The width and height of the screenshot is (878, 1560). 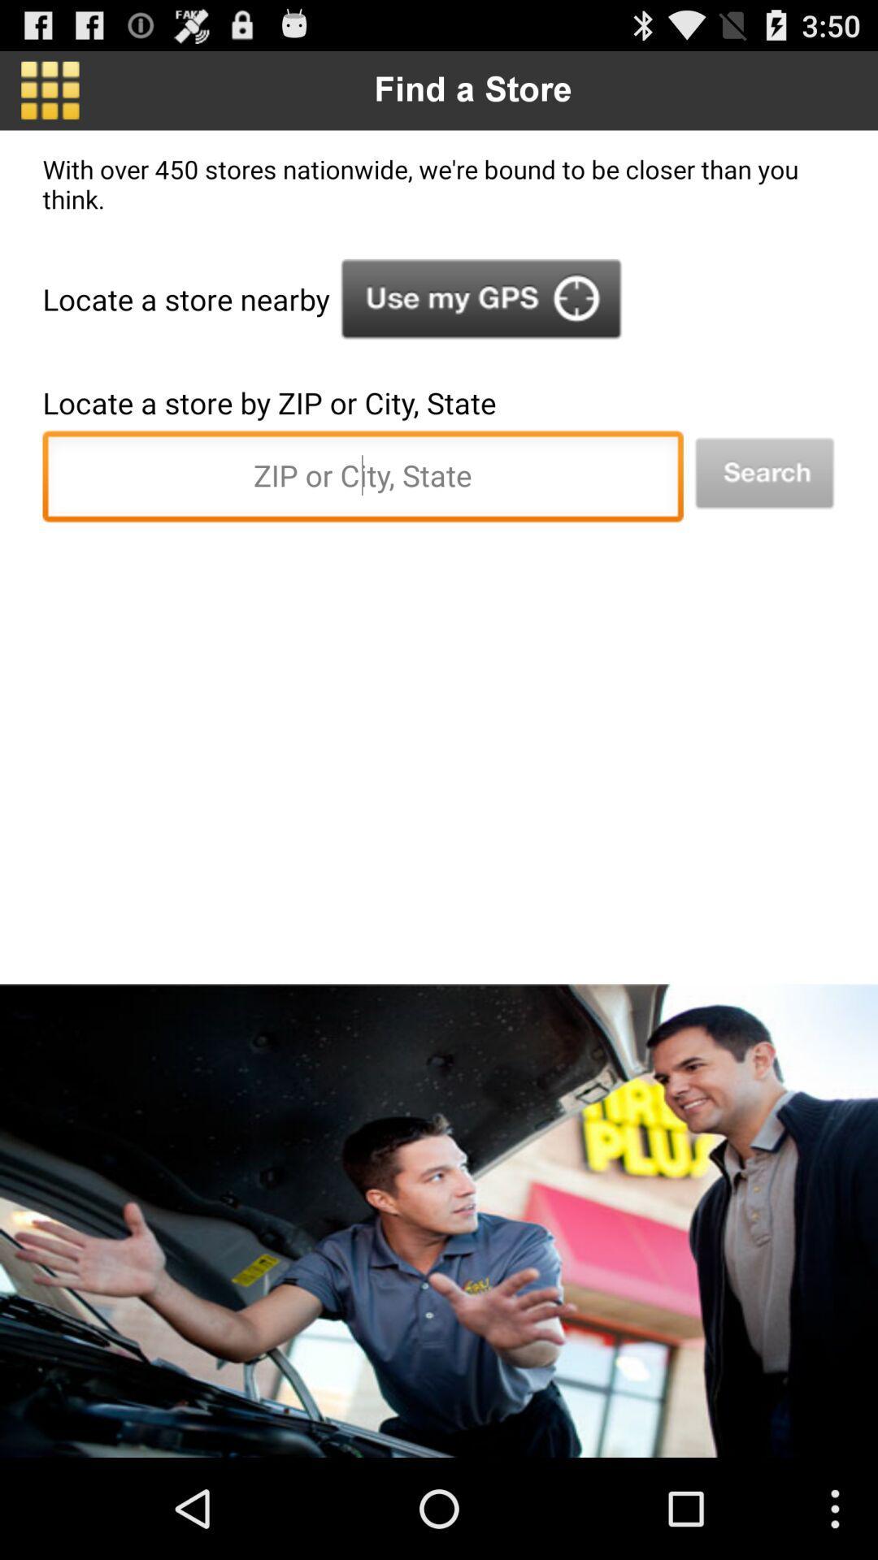 I want to click on search, so click(x=764, y=473).